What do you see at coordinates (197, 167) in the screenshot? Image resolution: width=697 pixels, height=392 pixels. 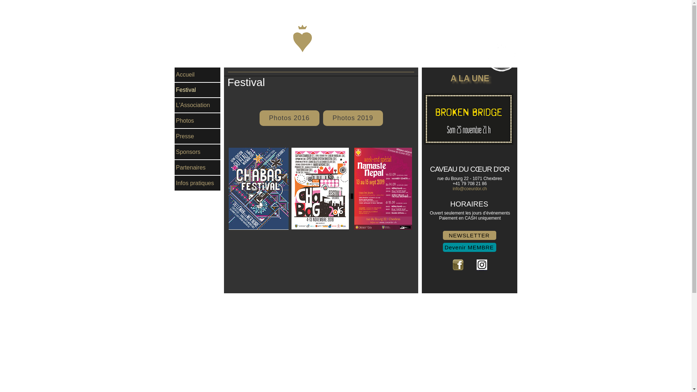 I see `'Partenaires'` at bounding box center [197, 167].